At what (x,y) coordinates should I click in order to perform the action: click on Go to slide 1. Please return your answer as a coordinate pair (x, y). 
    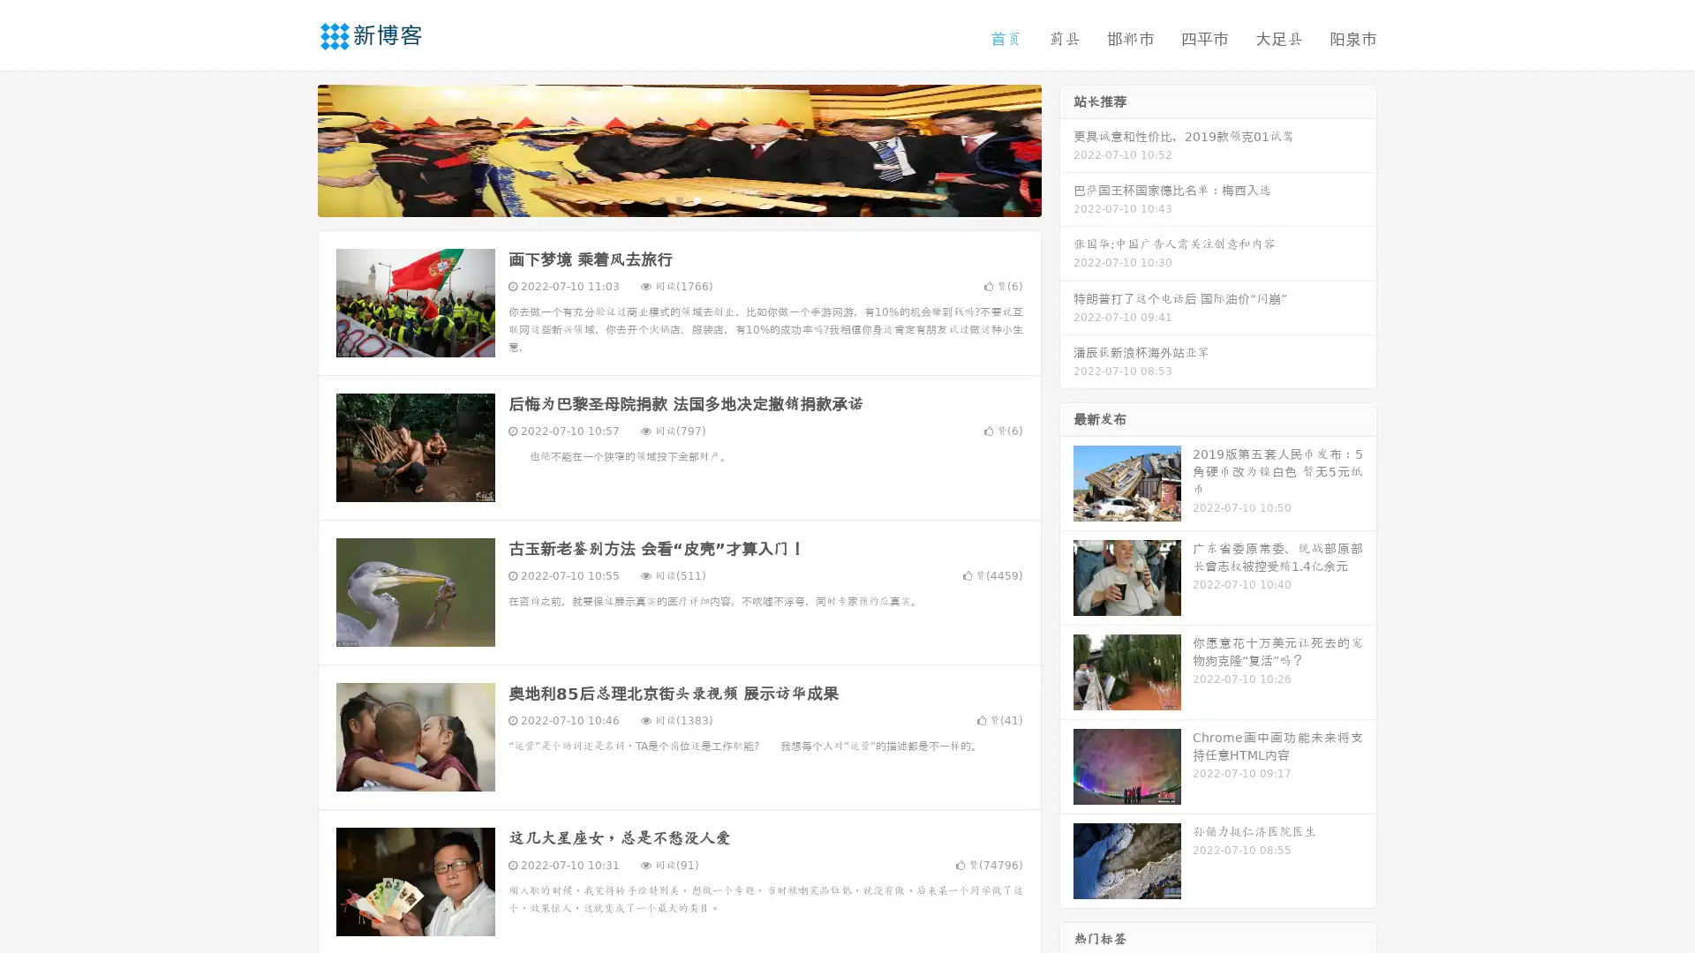
    Looking at the image, I should click on (660, 199).